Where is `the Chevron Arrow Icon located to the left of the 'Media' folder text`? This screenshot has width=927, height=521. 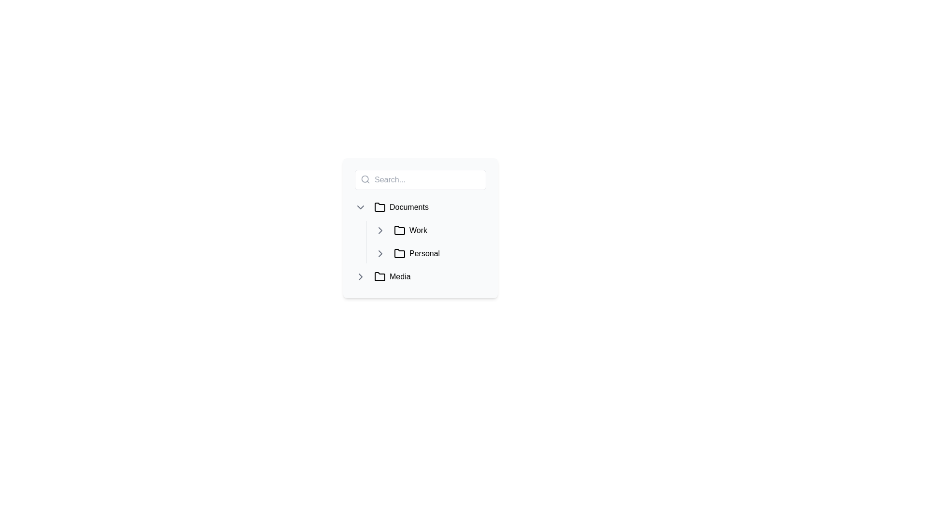
the Chevron Arrow Icon located to the left of the 'Media' folder text is located at coordinates (360, 277).